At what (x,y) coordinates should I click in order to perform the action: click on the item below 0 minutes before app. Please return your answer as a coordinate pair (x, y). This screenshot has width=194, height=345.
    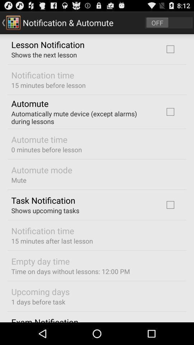
    Looking at the image, I should click on (42, 170).